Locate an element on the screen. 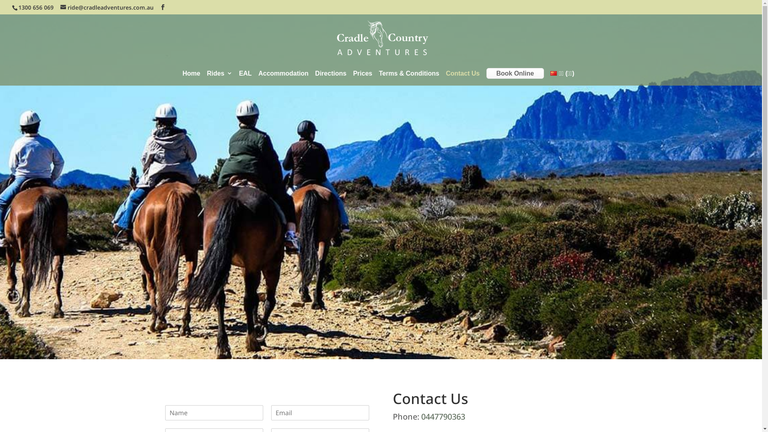 The height and width of the screenshot is (432, 768). 'Home' is located at coordinates (191, 78).